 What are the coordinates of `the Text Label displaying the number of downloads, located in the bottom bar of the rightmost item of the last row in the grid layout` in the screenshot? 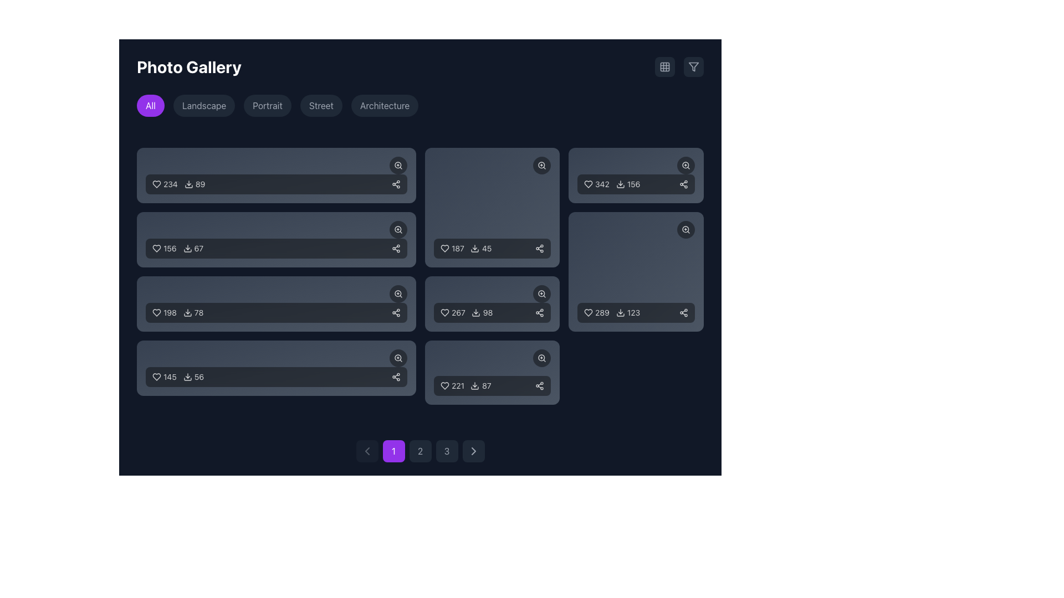 It's located at (199, 377).